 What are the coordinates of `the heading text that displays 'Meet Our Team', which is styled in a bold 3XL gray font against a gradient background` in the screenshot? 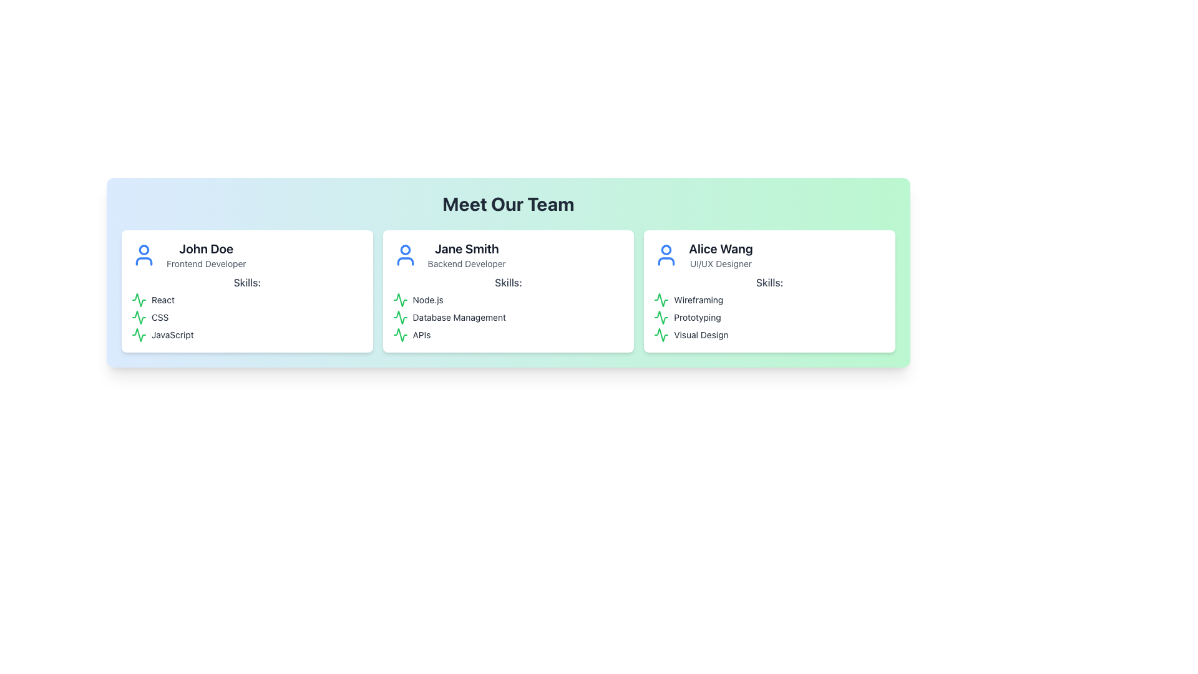 It's located at (509, 203).